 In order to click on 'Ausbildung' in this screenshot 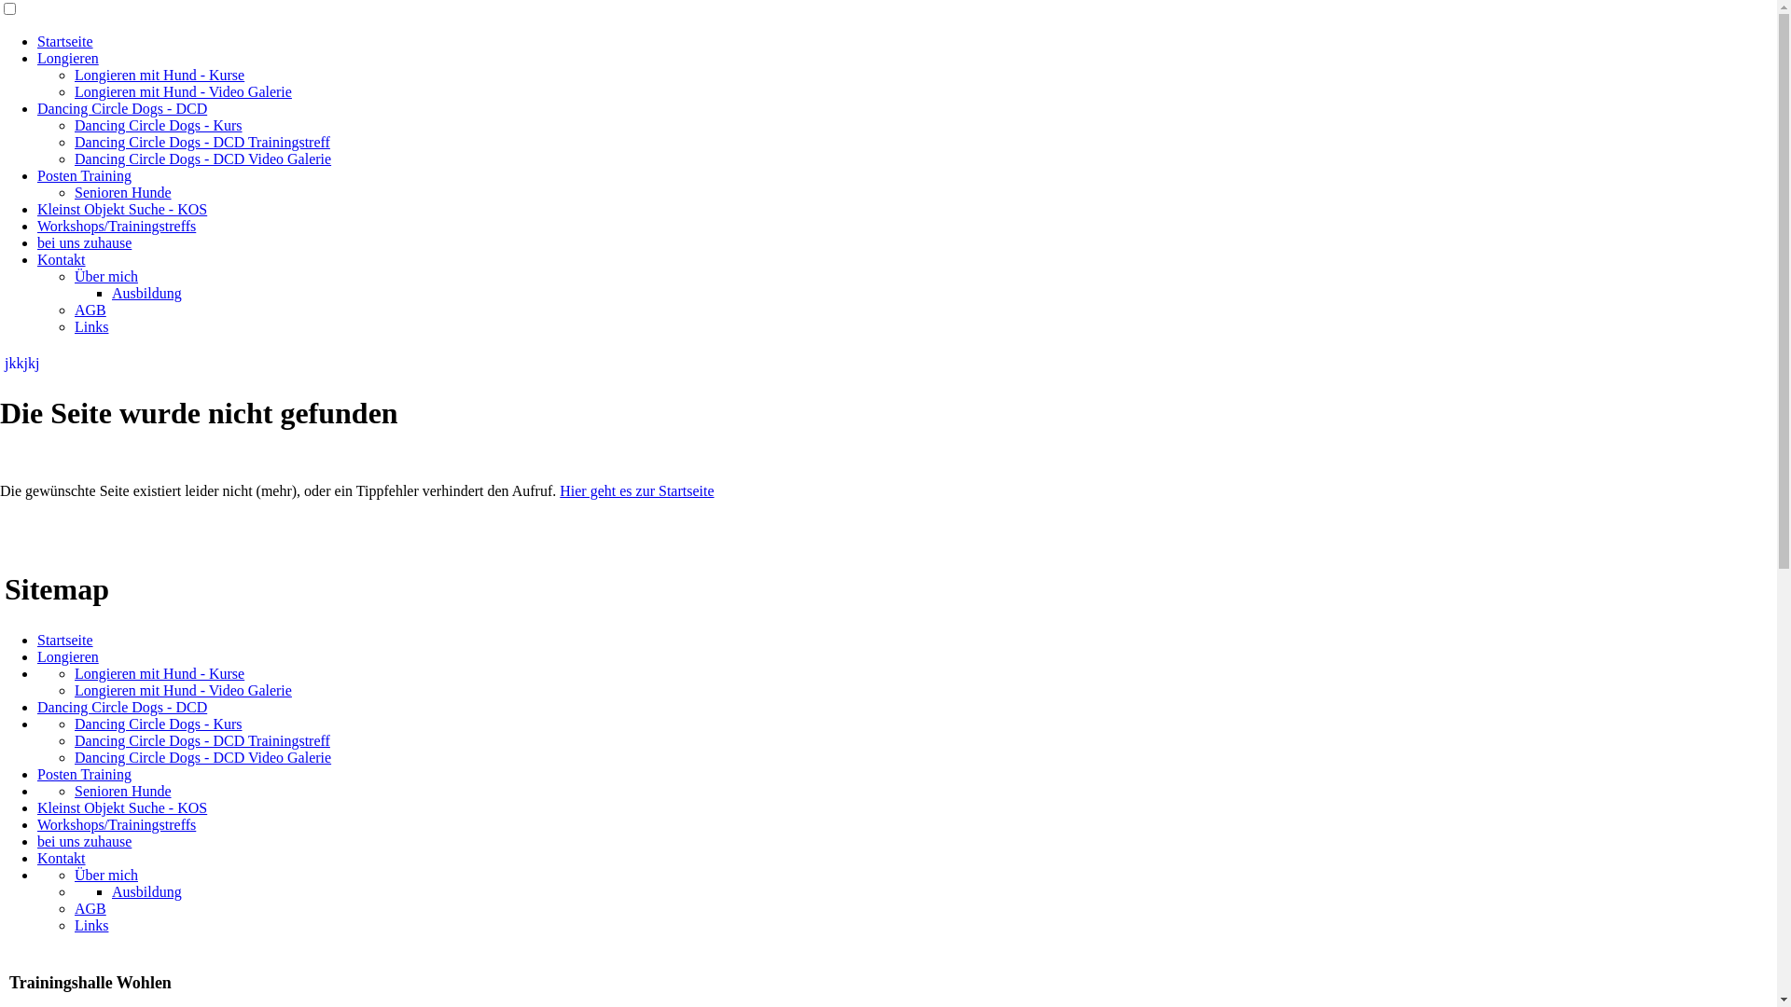, I will do `click(111, 890)`.